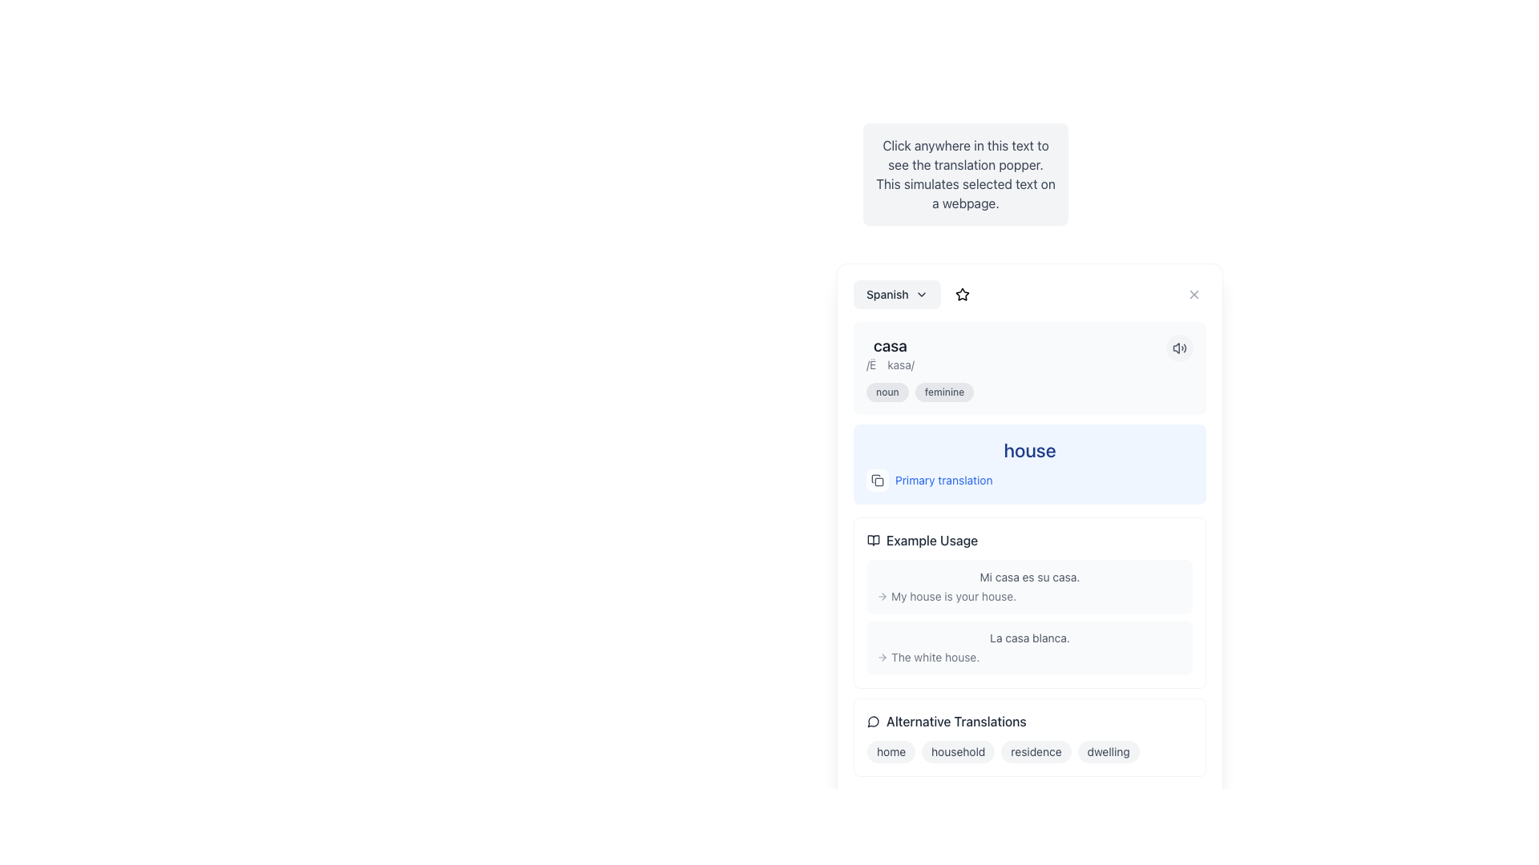 Image resolution: width=1539 pixels, height=865 pixels. What do you see at coordinates (1030, 751) in the screenshot?
I see `the third text label in the horizontal group of alternative translation options, which is displayed as a pill-shaped element and is located within the 'Alternative Translations' box` at bounding box center [1030, 751].